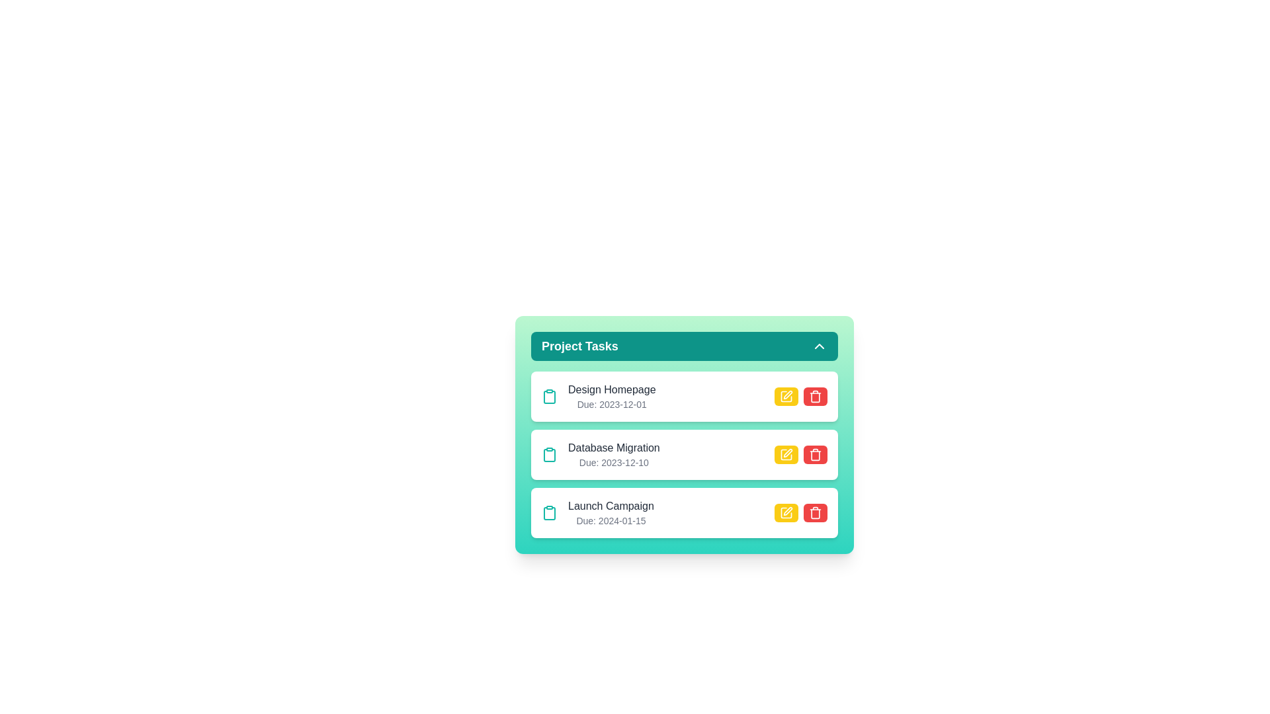 The height and width of the screenshot is (714, 1270). What do you see at coordinates (815, 454) in the screenshot?
I see `the delete button for the task 'Database Migration'` at bounding box center [815, 454].